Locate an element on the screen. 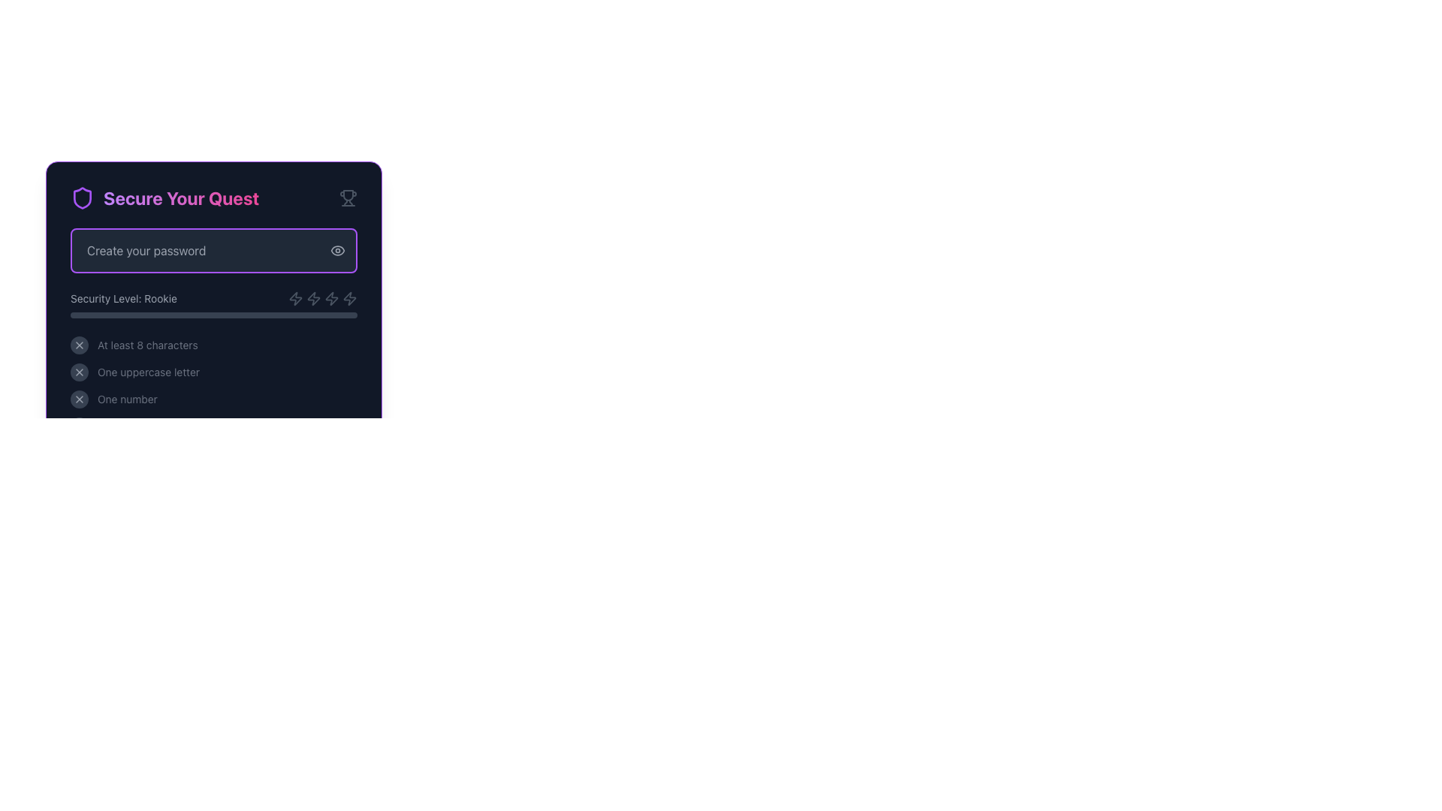 The image size is (1442, 811). the static text element 'Secure Your Quest' featuring a shield icon on the left and a trophy icon on the right, styled in a bold gradient font on a dark background is located at coordinates (213, 197).